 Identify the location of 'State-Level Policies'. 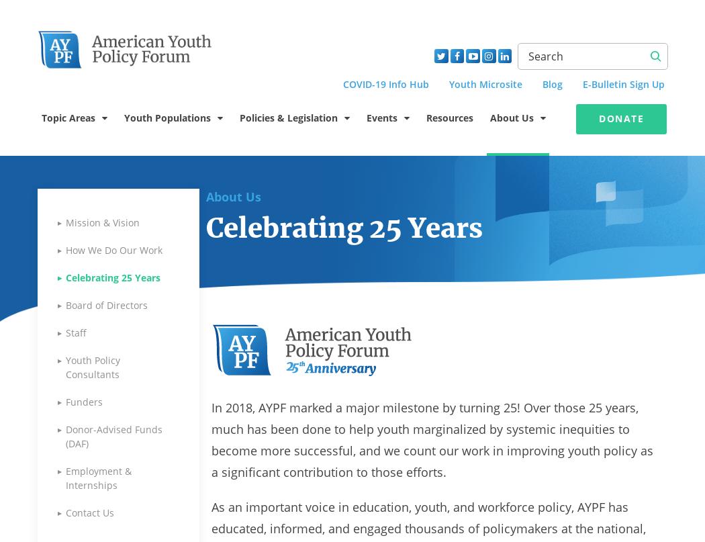
(296, 529).